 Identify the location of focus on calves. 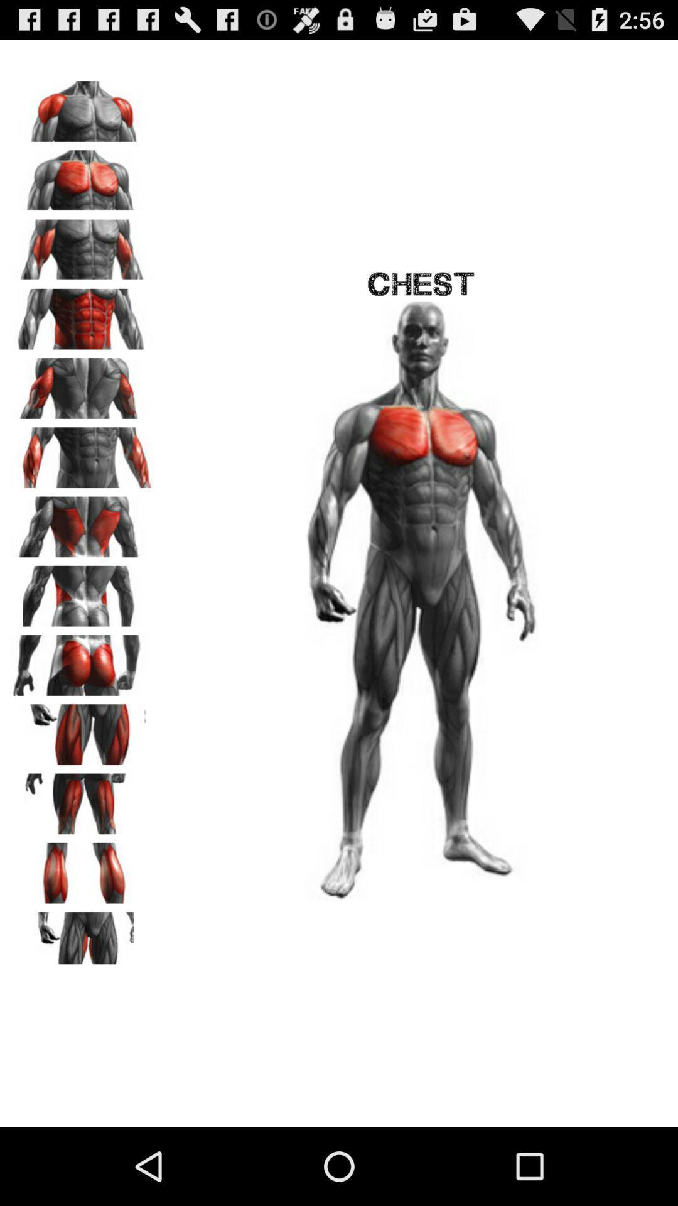
(82, 868).